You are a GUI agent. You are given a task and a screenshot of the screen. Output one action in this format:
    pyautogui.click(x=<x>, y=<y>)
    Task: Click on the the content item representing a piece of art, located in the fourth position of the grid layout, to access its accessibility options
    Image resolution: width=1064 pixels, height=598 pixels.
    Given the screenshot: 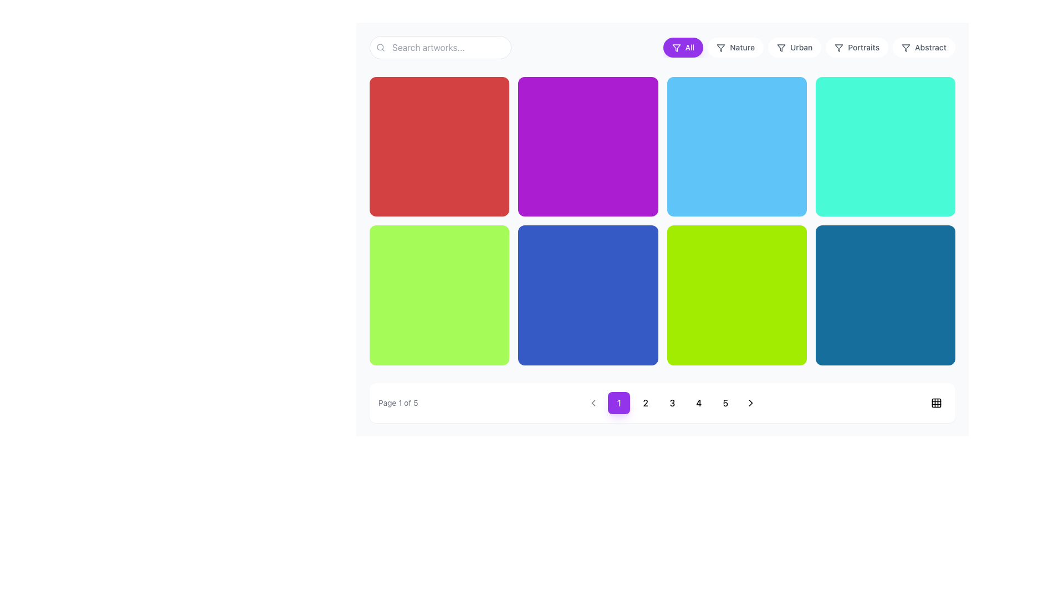 What is the action you would take?
    pyautogui.click(x=884, y=146)
    